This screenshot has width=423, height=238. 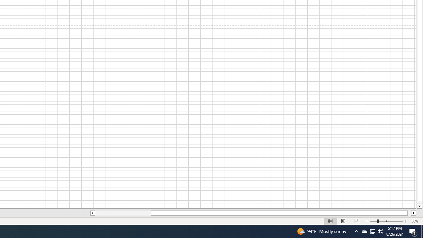 I want to click on 'Page right', so click(x=409, y=213).